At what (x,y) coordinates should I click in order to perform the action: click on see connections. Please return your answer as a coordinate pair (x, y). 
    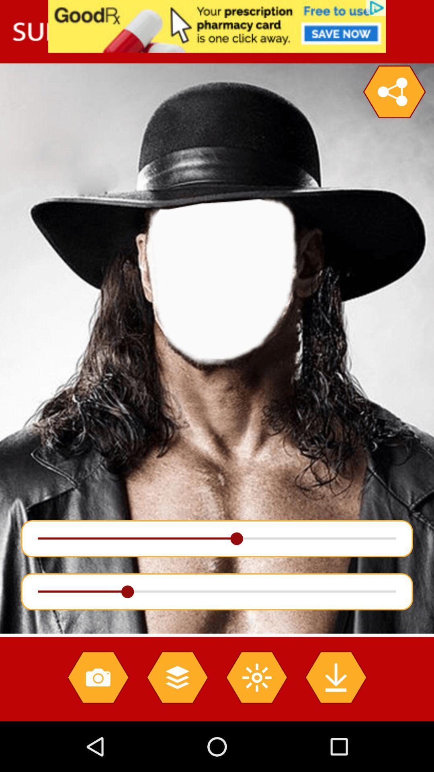
    Looking at the image, I should click on (394, 92).